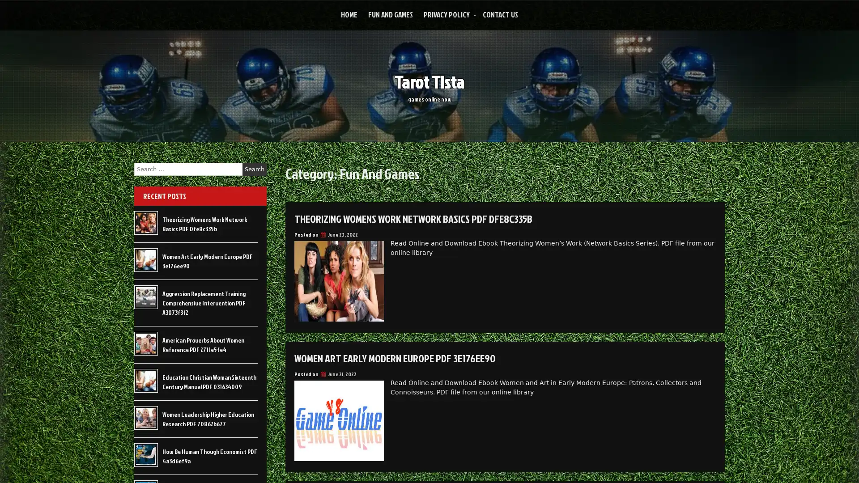  I want to click on Search, so click(254, 169).